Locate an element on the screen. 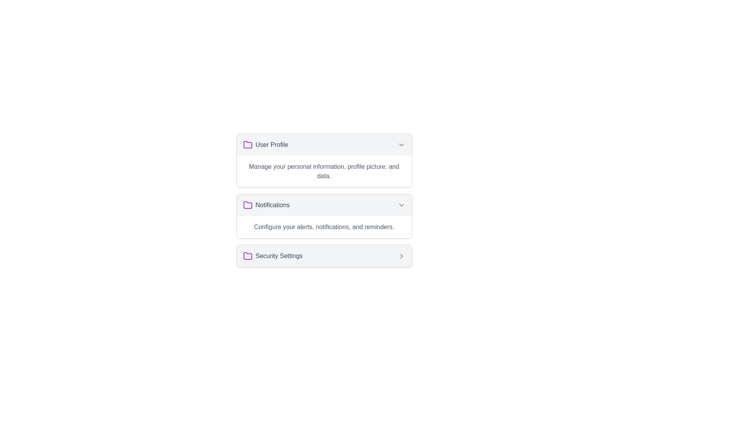 This screenshot has width=753, height=423. the Downward Chevron icon in the User Profile section is located at coordinates (401, 145).